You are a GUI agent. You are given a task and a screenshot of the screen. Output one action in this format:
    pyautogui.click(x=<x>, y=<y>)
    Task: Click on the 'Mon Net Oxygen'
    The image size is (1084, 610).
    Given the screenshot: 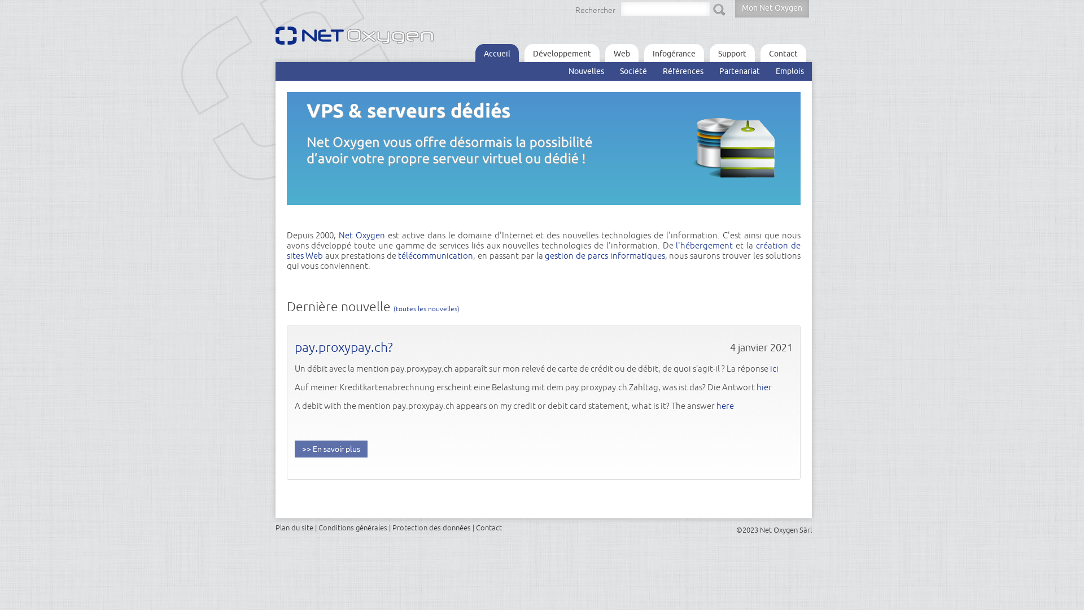 What is the action you would take?
    pyautogui.click(x=771, y=8)
    